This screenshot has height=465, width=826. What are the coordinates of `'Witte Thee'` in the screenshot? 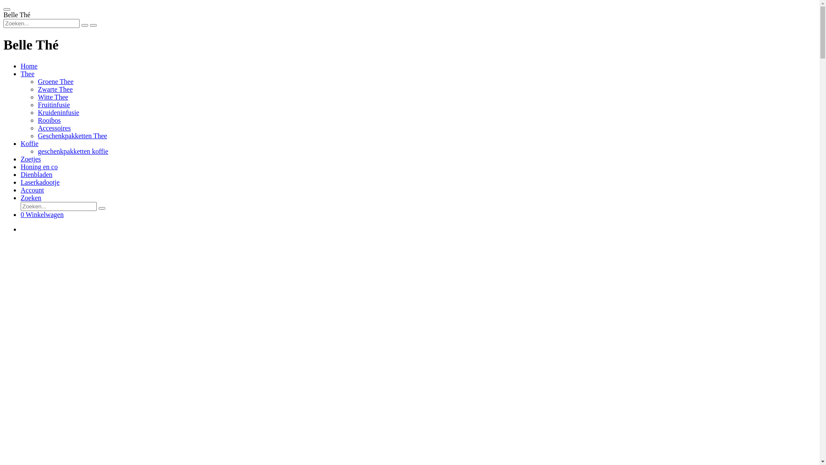 It's located at (52, 97).